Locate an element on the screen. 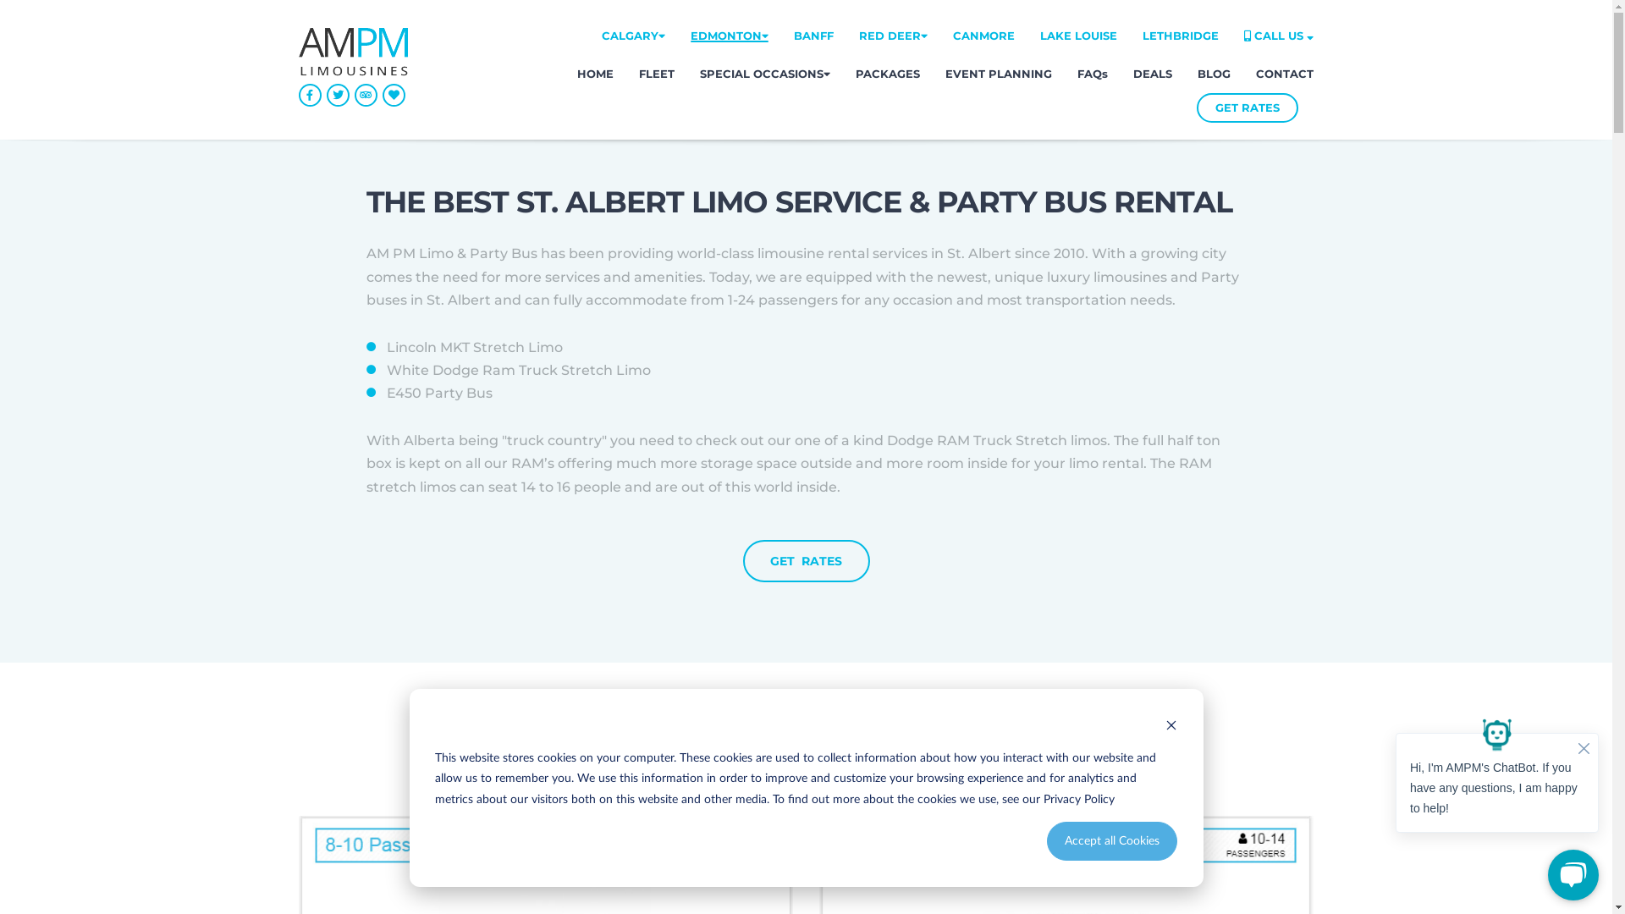  'EDMONTON' is located at coordinates (691, 36).